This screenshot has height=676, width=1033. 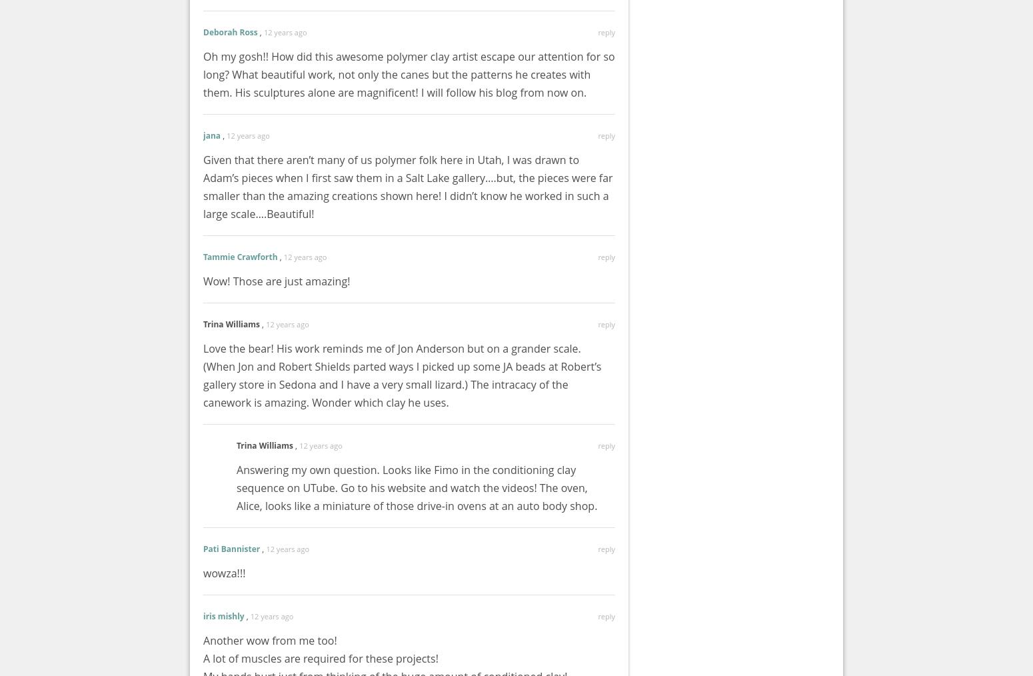 I want to click on 'Another wow from me too!', so click(x=270, y=640).